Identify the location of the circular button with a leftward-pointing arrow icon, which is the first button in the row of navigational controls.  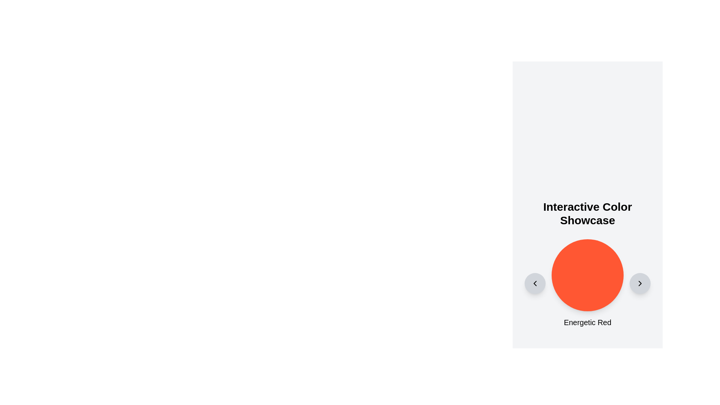
(534, 283).